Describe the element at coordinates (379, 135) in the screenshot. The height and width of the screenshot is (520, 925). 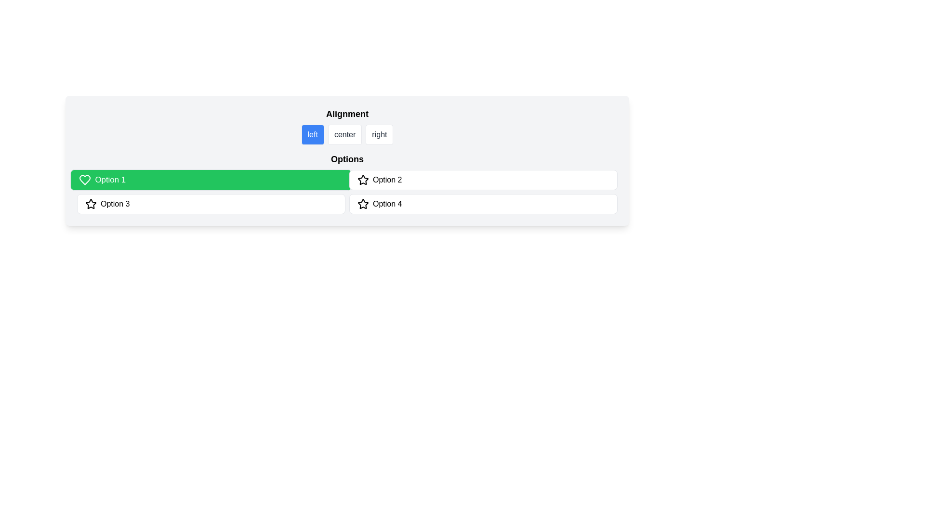
I see `the 'right' alignment button, which is the third button in a row of three buttons located at the top center of the interface, above the 'Options' section` at that location.